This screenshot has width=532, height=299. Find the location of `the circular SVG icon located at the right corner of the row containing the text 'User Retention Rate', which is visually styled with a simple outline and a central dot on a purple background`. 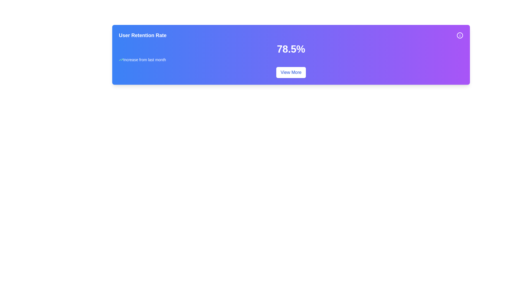

the circular SVG icon located at the right corner of the row containing the text 'User Retention Rate', which is visually styled with a simple outline and a central dot on a purple background is located at coordinates (460, 35).